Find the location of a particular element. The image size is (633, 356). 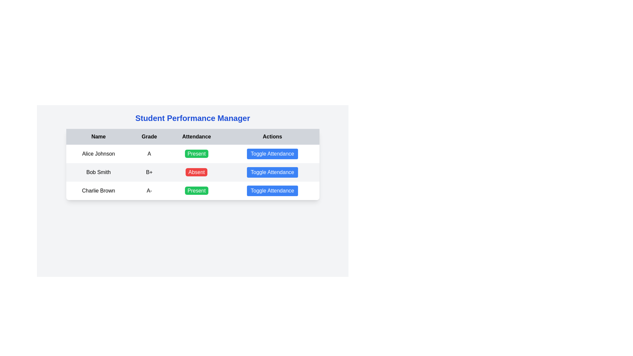

information displayed in the table row for 'Bob Smith', which includes the grade 'B+', attendance status 'Absent' highlighted in red, and the blue button labeled 'Toggle Attendance' is located at coordinates (192, 172).